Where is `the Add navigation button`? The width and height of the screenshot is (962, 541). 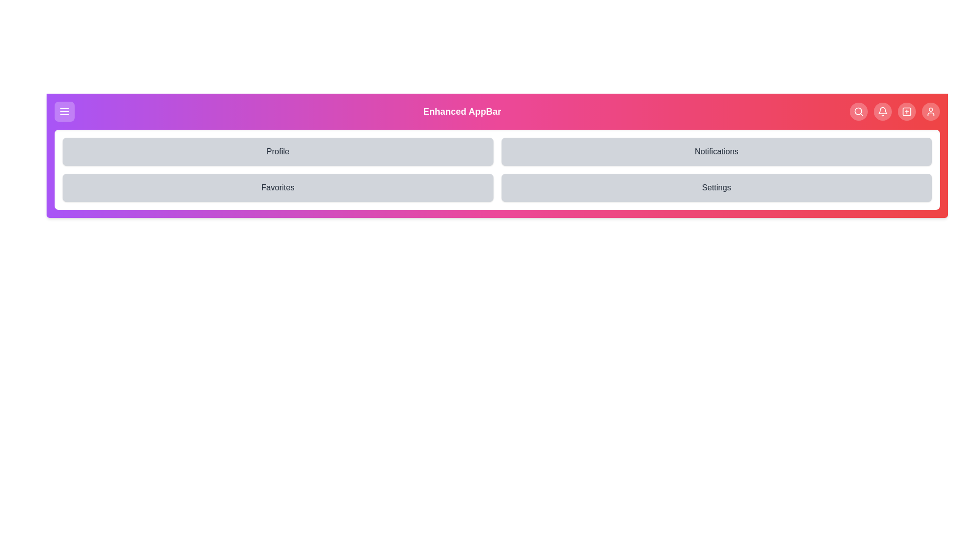
the Add navigation button is located at coordinates (906, 112).